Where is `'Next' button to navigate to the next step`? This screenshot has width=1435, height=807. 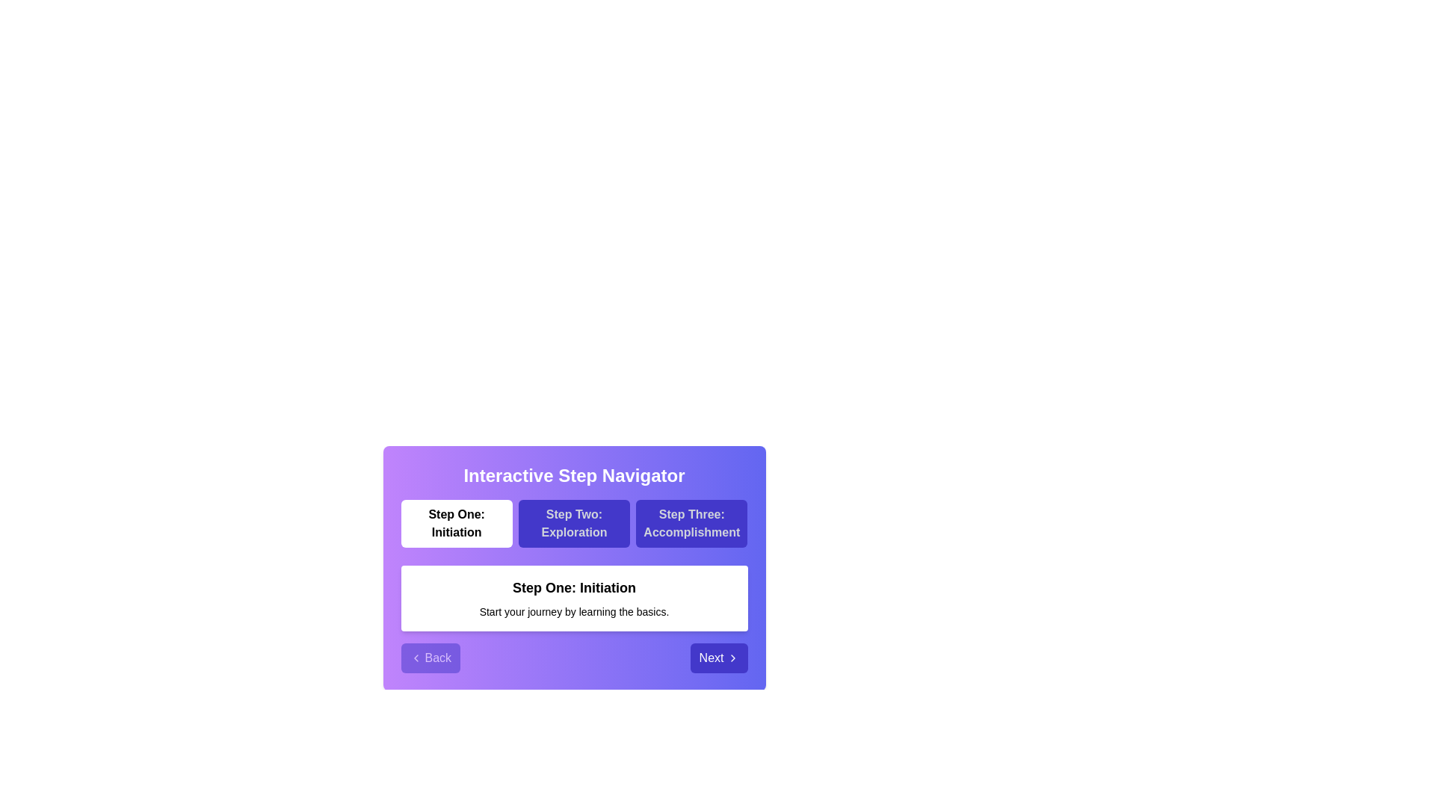
'Next' button to navigate to the next step is located at coordinates (718, 657).